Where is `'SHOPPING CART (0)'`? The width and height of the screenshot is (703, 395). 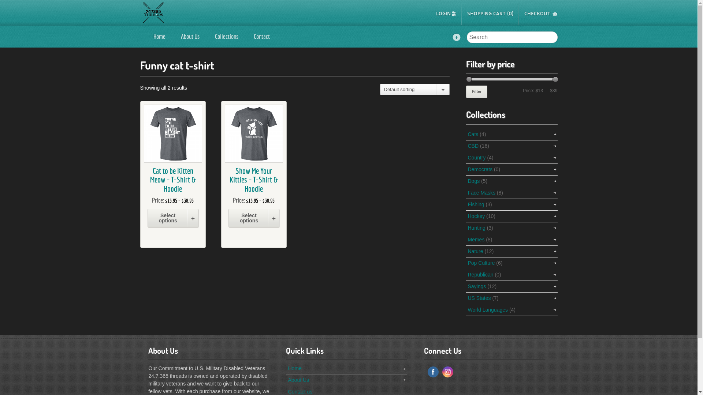 'SHOPPING CART (0)' is located at coordinates (490, 14).